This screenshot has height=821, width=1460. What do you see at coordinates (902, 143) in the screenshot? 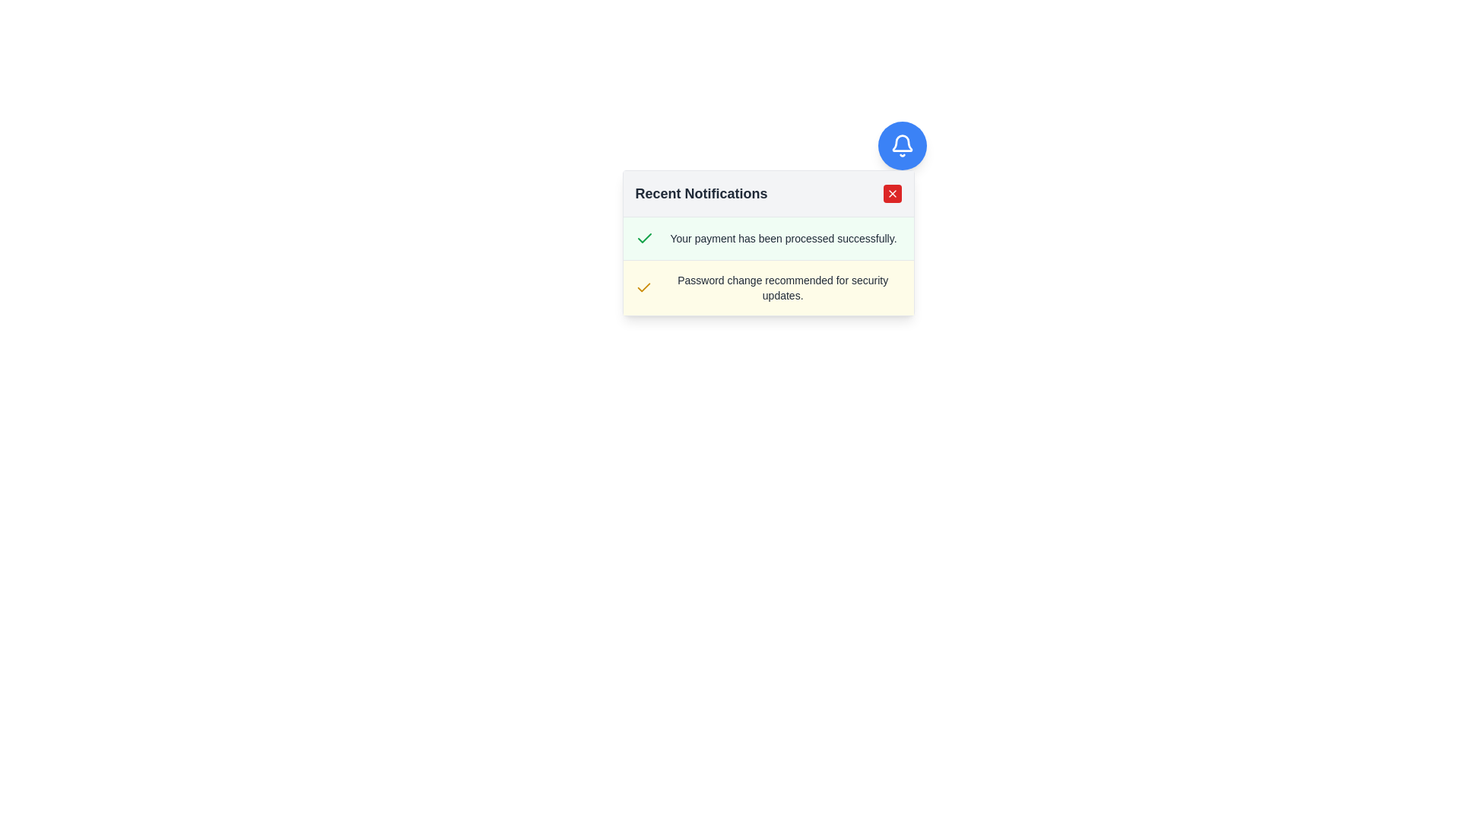
I see `the bell icon` at bounding box center [902, 143].